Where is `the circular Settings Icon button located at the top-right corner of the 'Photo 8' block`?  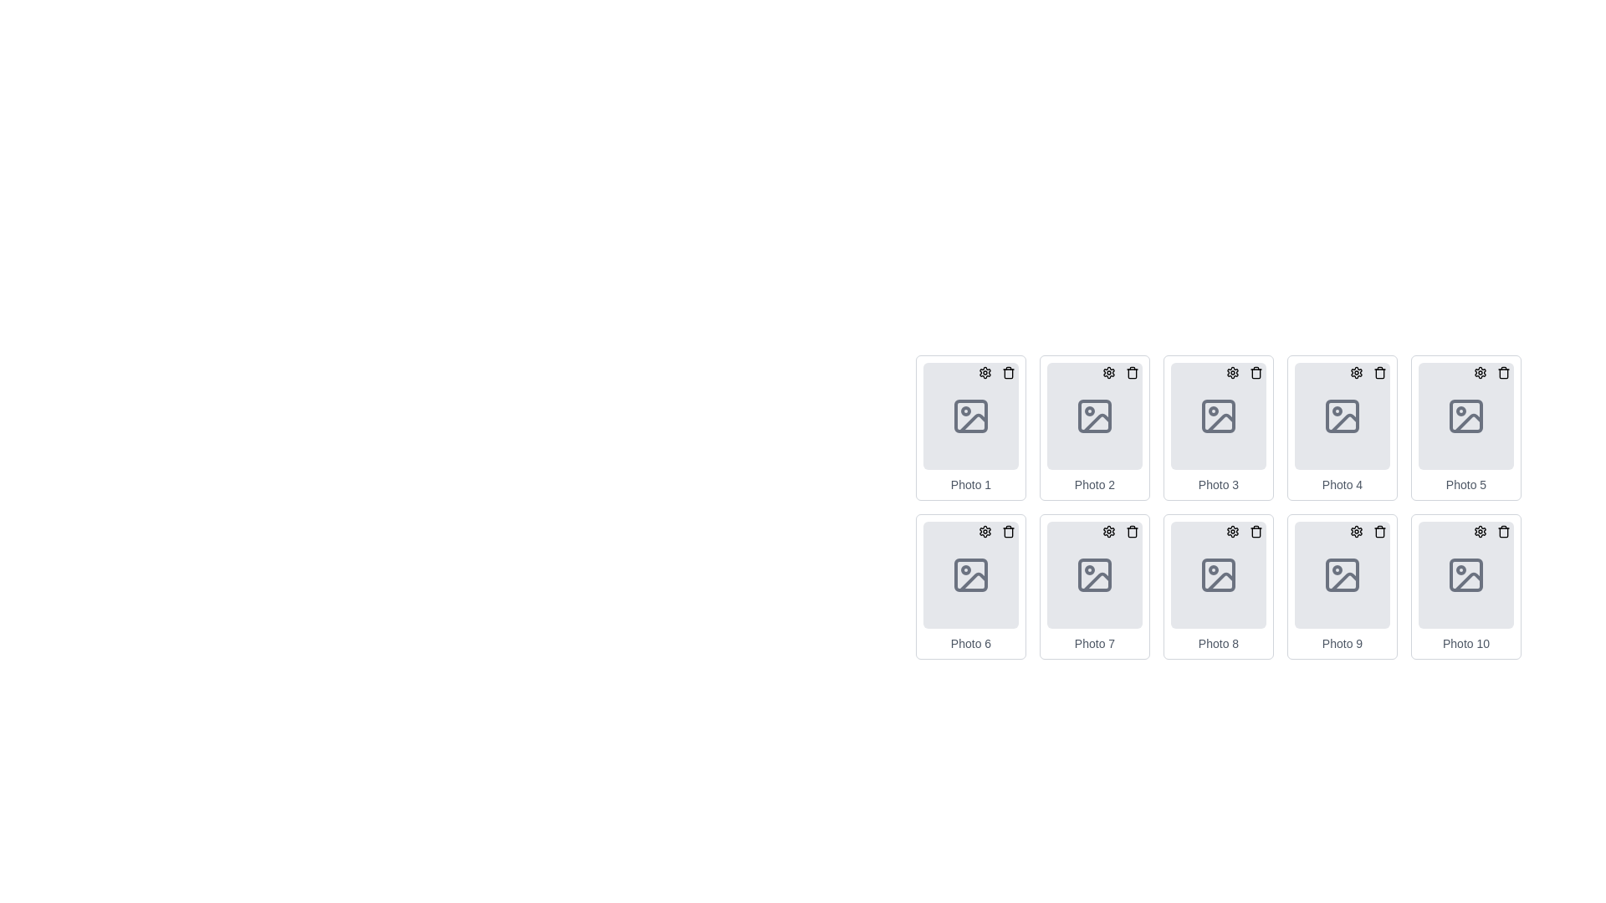 the circular Settings Icon button located at the top-right corner of the 'Photo 8' block is located at coordinates (1232, 532).